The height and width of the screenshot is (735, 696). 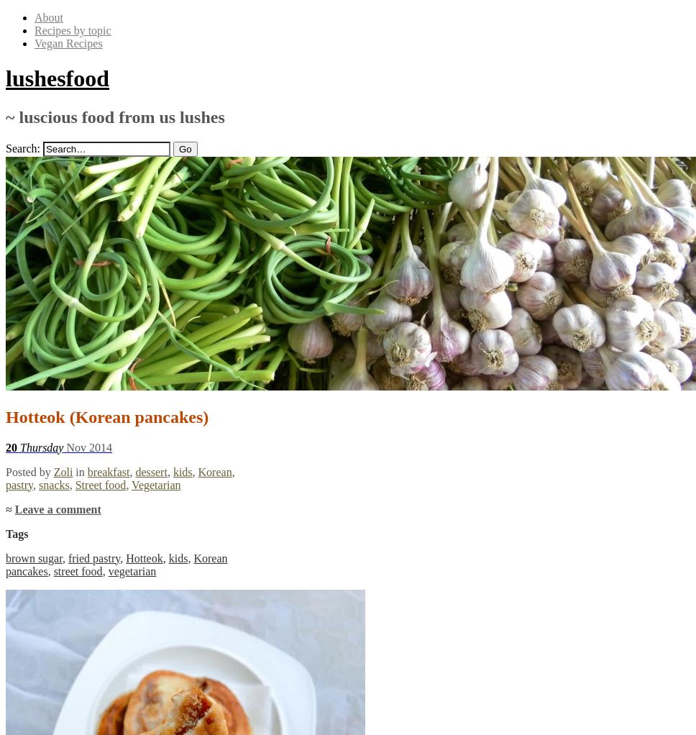 What do you see at coordinates (52, 471) in the screenshot?
I see `'Zoli'` at bounding box center [52, 471].